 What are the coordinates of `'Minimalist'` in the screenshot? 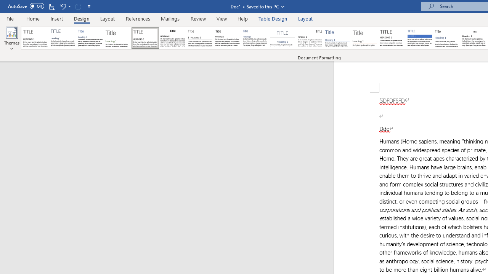 It's located at (392, 38).